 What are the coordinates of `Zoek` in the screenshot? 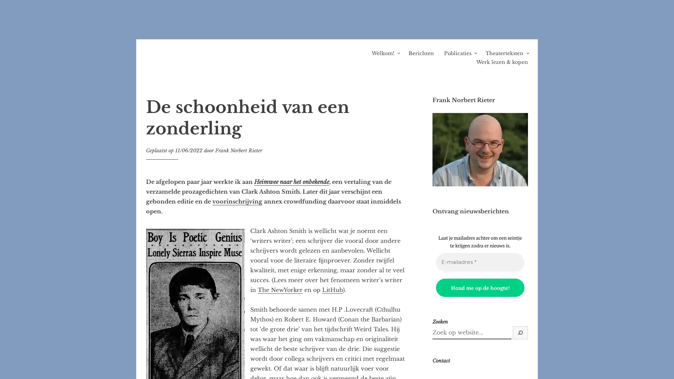 It's located at (520, 332).